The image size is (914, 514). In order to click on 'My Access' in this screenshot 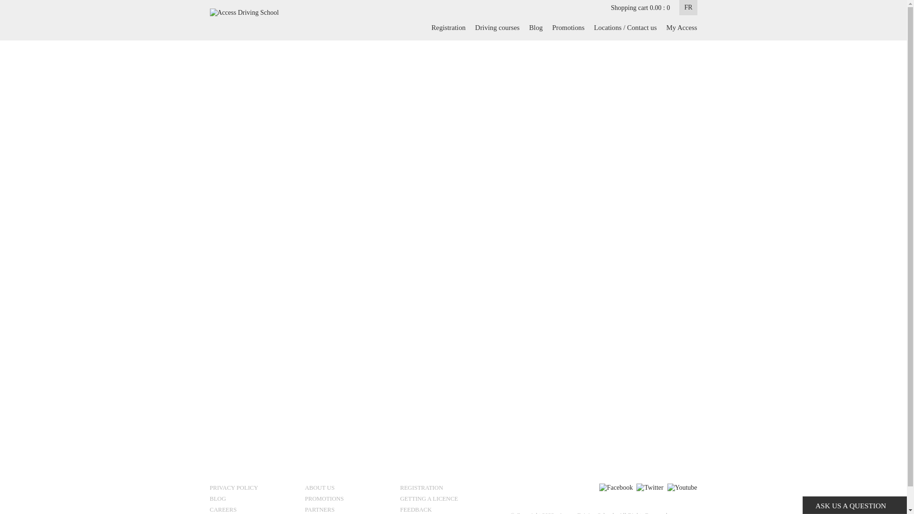, I will do `click(661, 27)`.